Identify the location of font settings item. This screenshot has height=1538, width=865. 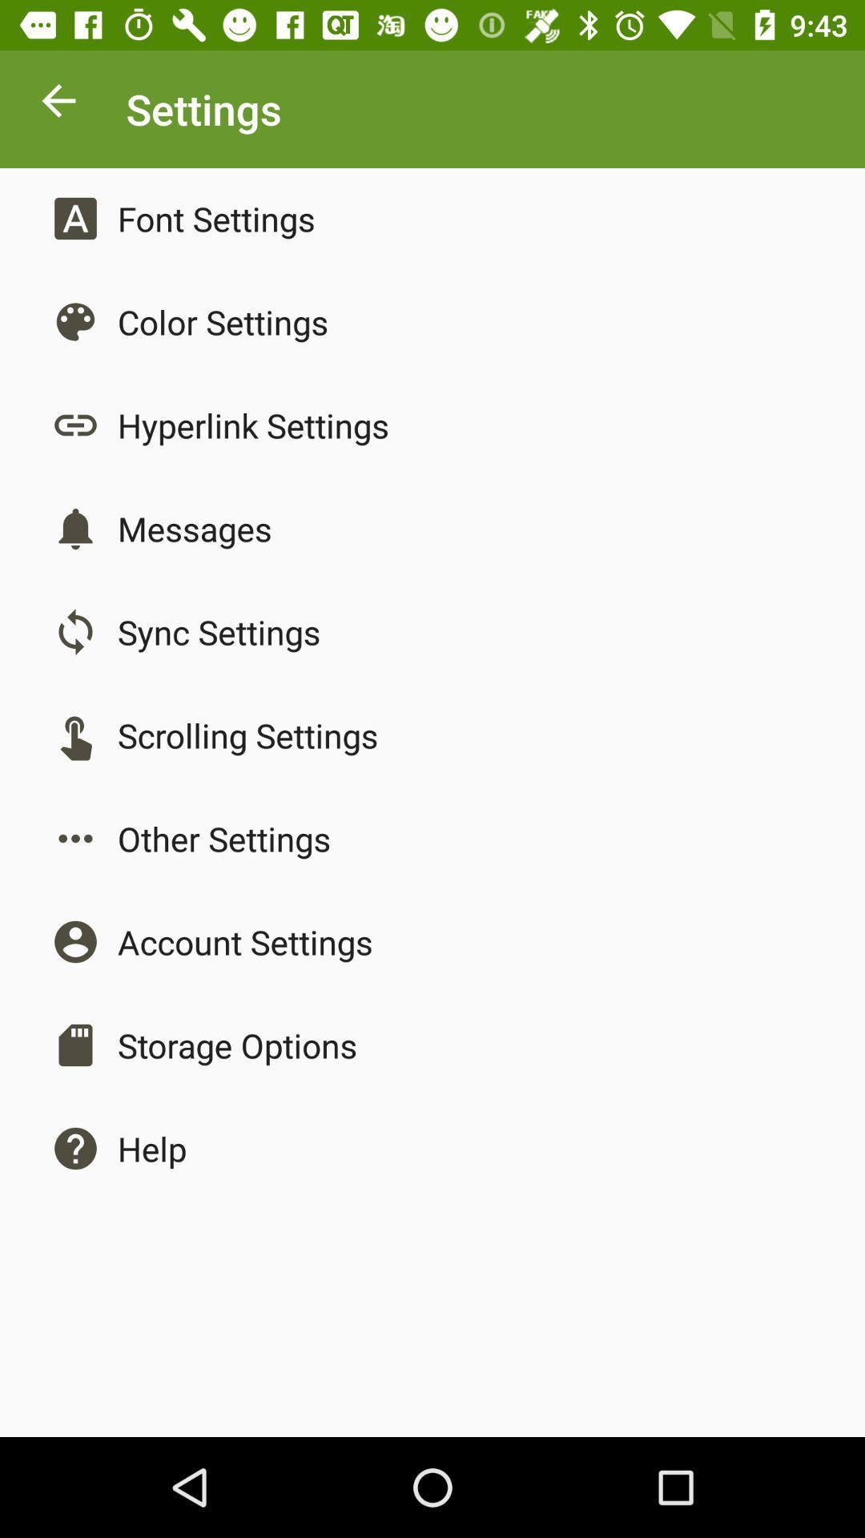
(216, 218).